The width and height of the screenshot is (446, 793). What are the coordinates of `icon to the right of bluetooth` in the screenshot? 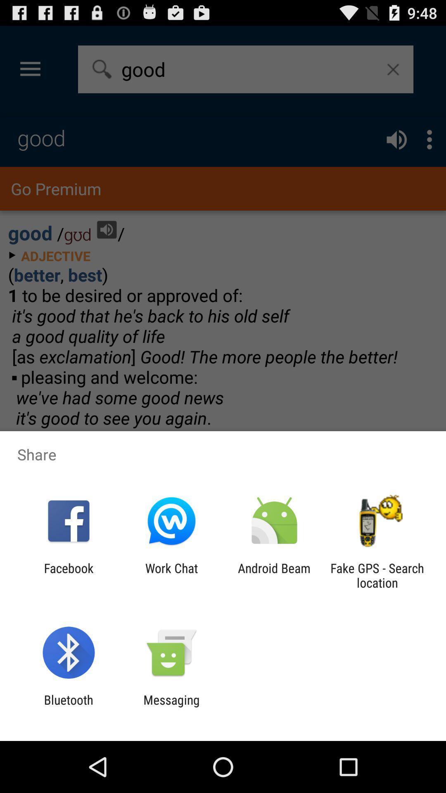 It's located at (171, 707).